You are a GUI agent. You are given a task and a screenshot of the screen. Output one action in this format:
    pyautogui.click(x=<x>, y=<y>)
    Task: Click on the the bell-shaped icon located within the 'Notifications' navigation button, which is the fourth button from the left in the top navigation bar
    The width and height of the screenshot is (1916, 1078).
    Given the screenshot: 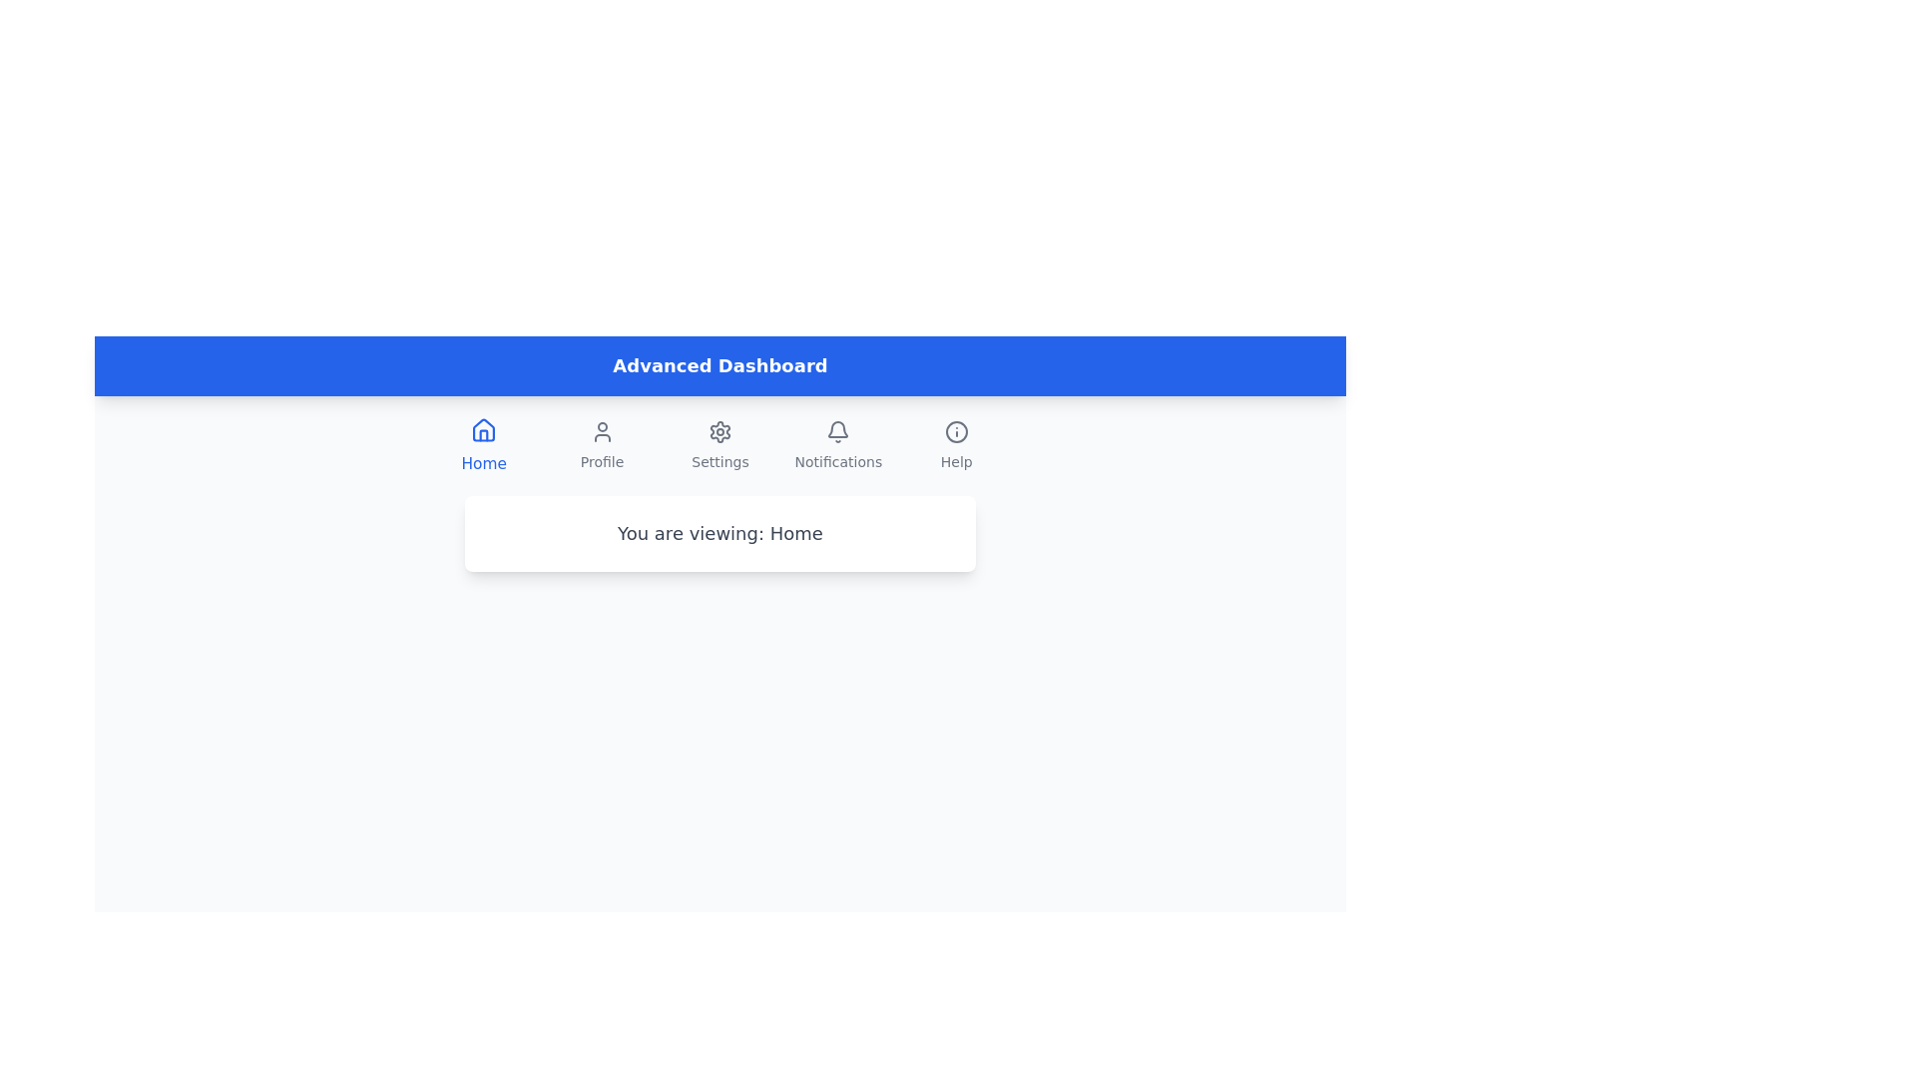 What is the action you would take?
    pyautogui.click(x=838, y=430)
    